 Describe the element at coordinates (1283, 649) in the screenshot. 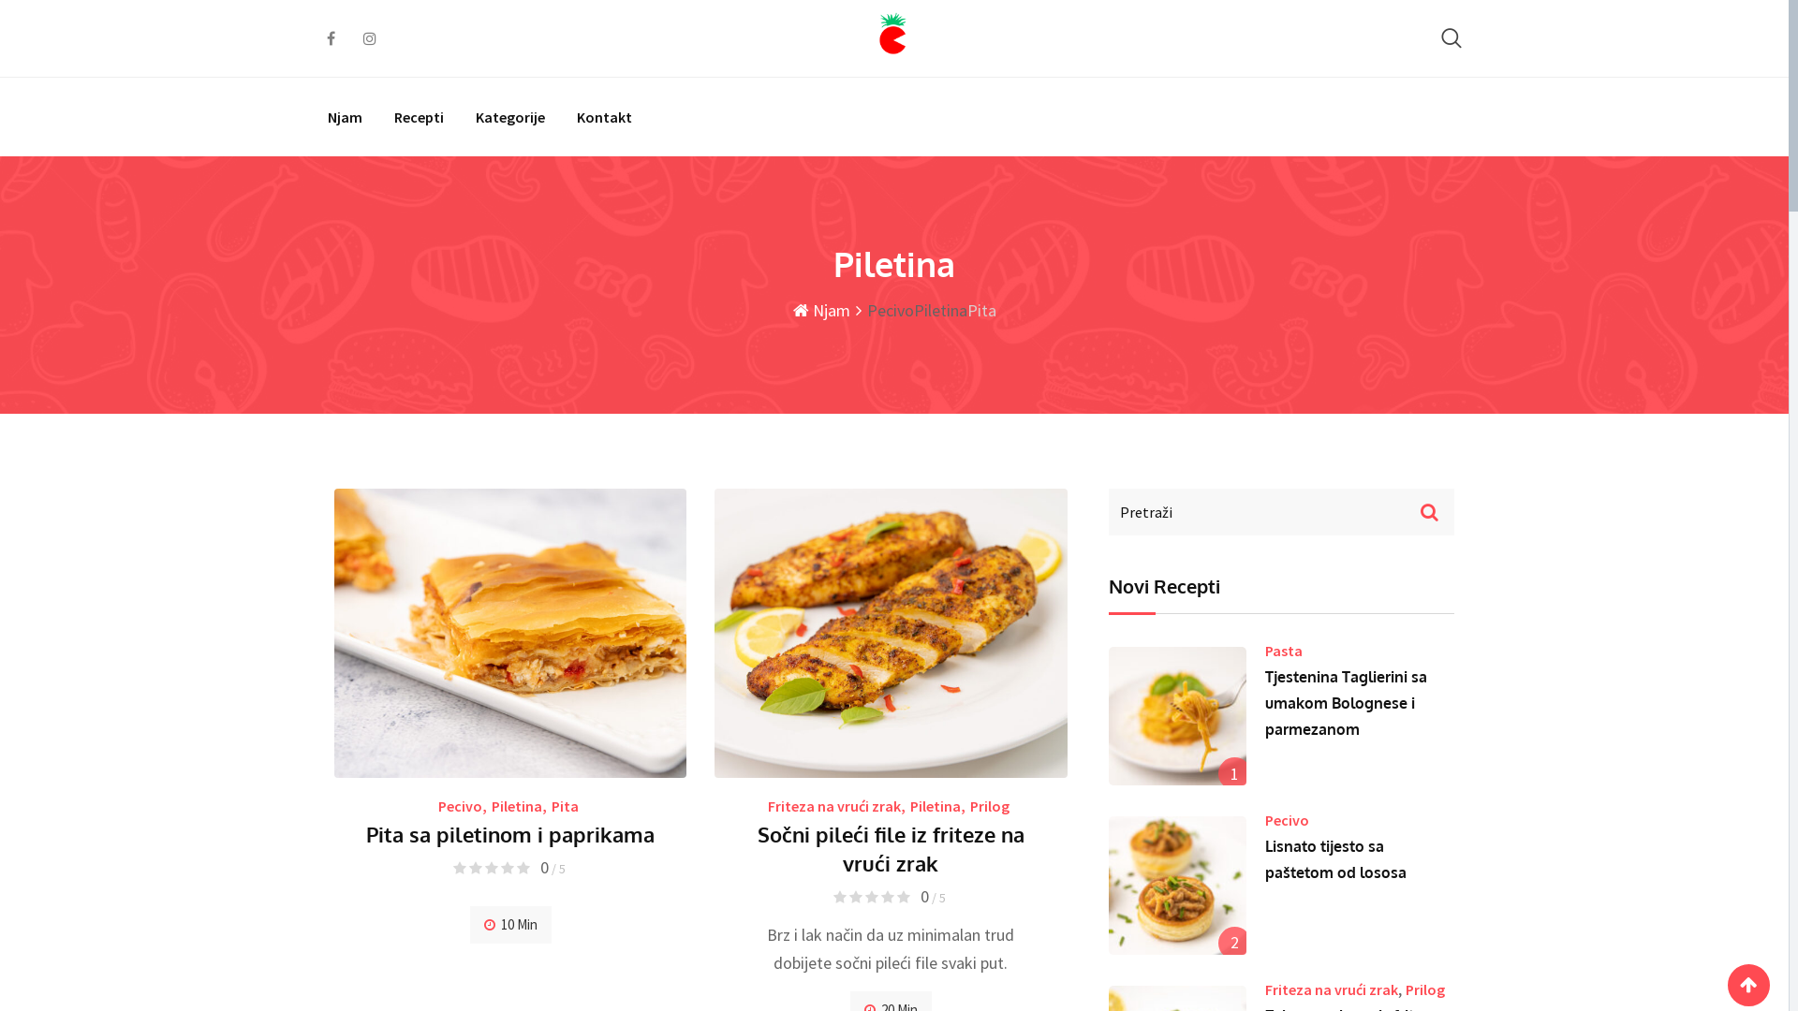

I see `'Pasta'` at that location.